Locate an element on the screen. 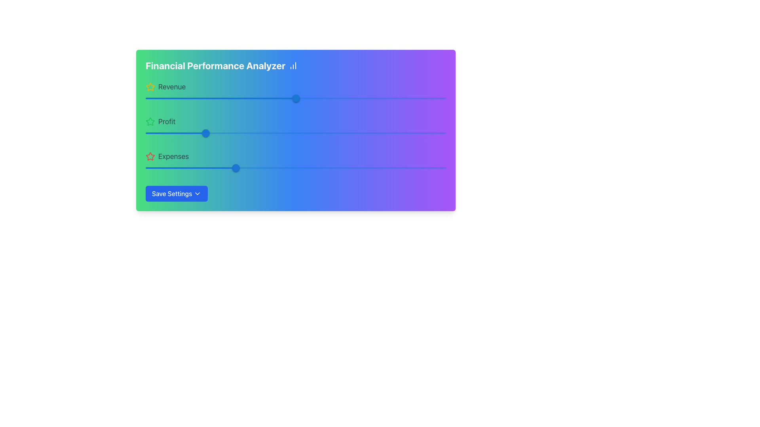 The height and width of the screenshot is (427, 760). slider value is located at coordinates (206, 132).